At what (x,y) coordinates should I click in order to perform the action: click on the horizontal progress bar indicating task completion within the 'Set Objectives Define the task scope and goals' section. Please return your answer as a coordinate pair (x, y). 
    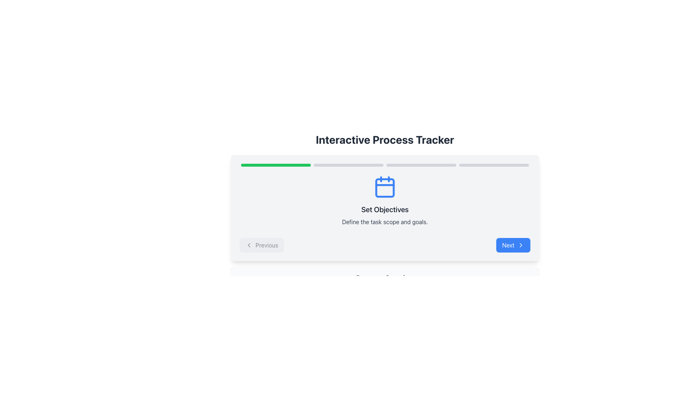
    Looking at the image, I should click on (385, 165).